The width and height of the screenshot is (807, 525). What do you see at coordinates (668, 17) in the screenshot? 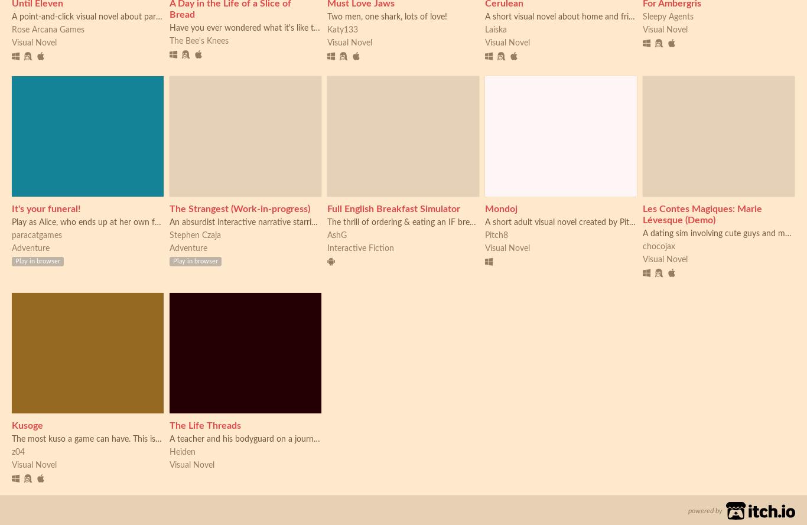
I see `'Sleepy Agents'` at bounding box center [668, 17].